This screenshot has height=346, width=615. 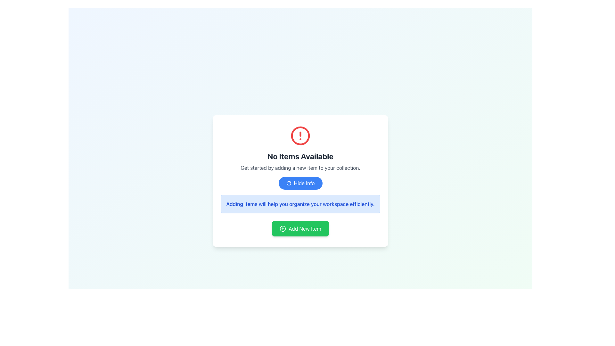 I want to click on instructional text that says 'Get started by adding a new item to your collection.' which is located below the header 'No Items Available' and above the blue 'Hide Info' button, so click(x=300, y=168).